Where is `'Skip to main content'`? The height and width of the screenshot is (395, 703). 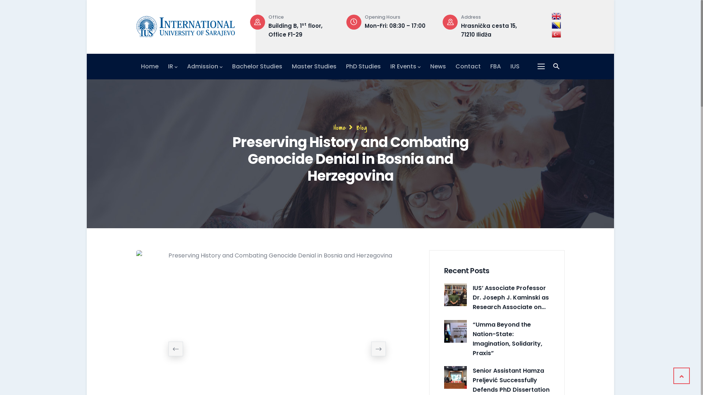 'Skip to main content' is located at coordinates (87, 0).